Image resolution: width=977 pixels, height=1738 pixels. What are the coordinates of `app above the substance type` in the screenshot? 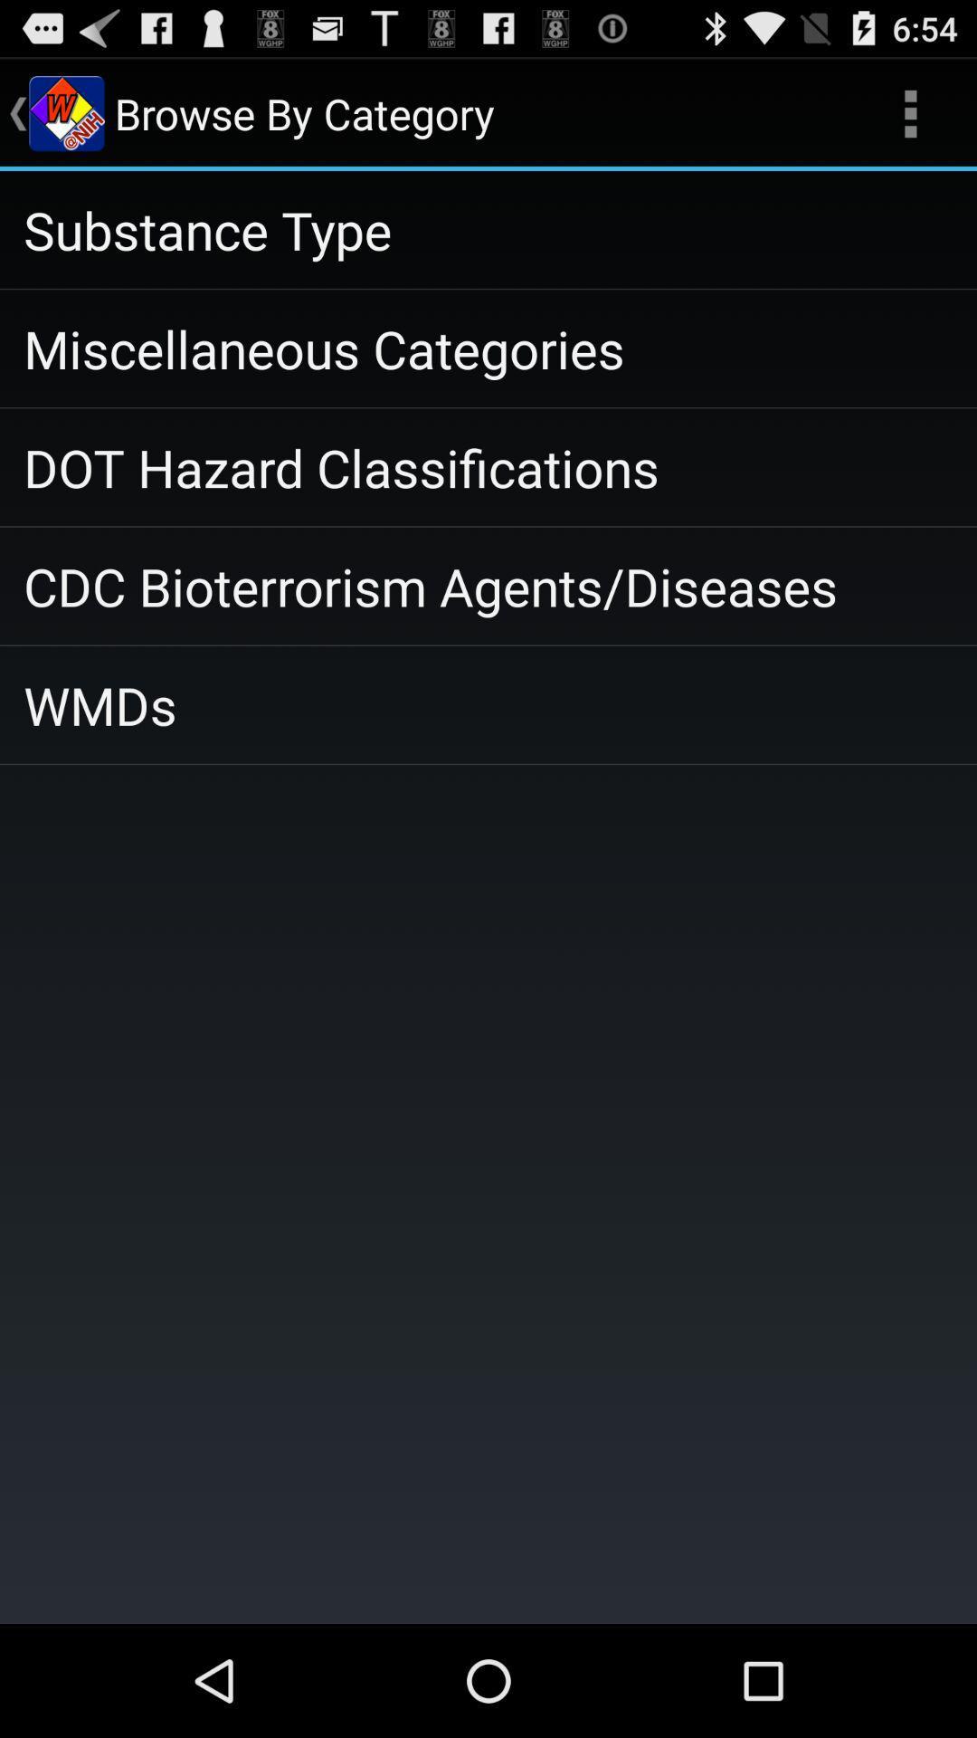 It's located at (910, 112).